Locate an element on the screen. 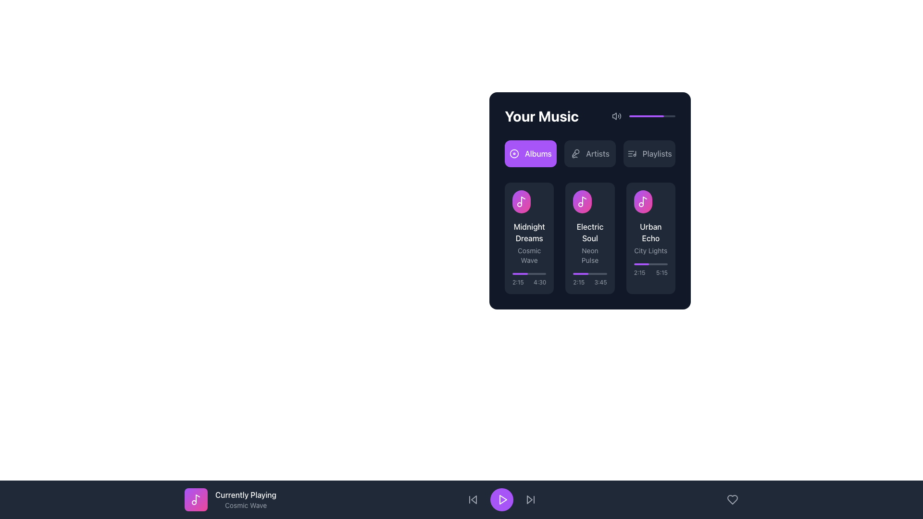  the circular button with a gradient background and a white music icon, located in the 'Your Music' section, specifically in the second column of the album cards labeled 'Electric Soul' and 'Neon Pulse', positioned to the left of the play button icon is located at coordinates (582, 201).